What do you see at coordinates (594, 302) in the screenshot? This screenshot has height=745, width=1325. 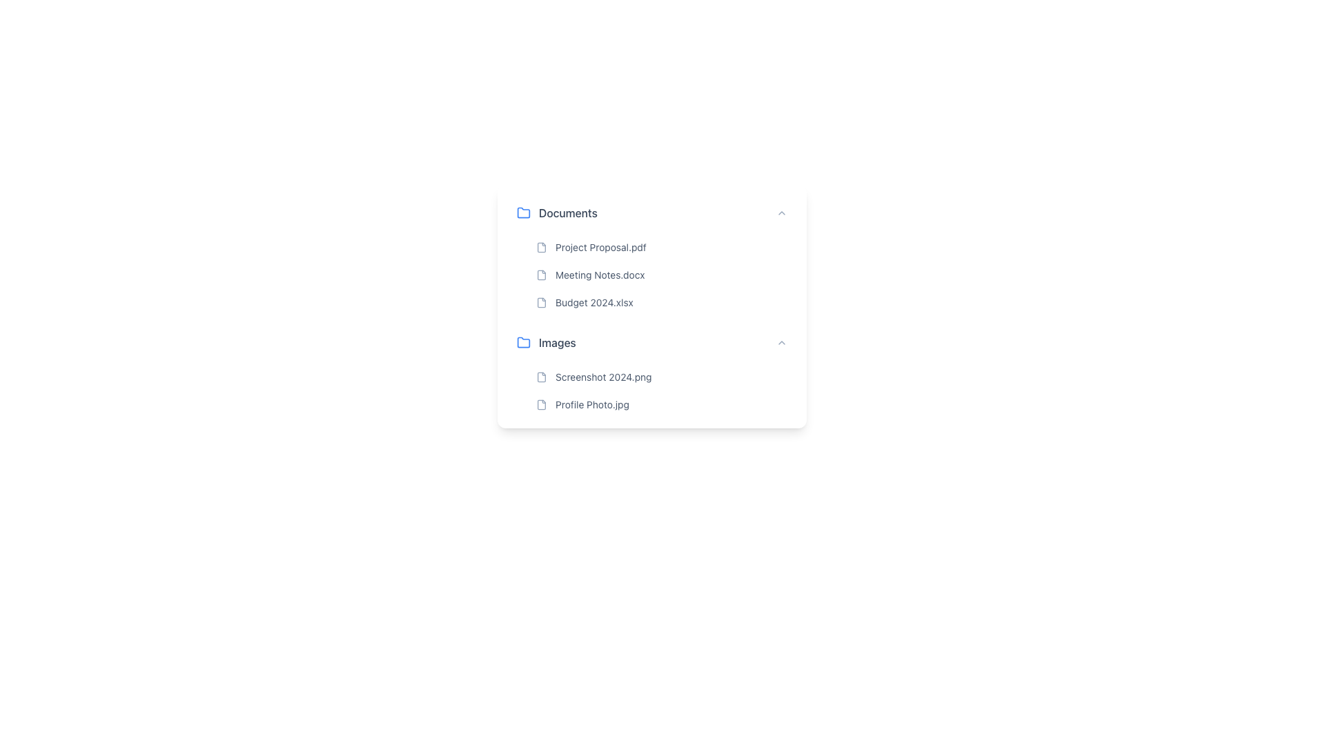 I see `the text label displaying the file name 'Budget 2024.xlsx'` at bounding box center [594, 302].